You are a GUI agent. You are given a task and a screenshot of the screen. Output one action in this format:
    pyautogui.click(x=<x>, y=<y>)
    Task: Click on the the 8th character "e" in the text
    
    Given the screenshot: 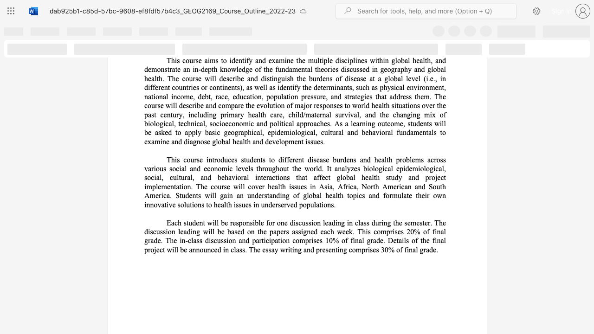 What is the action you would take?
    pyautogui.click(x=208, y=141)
    